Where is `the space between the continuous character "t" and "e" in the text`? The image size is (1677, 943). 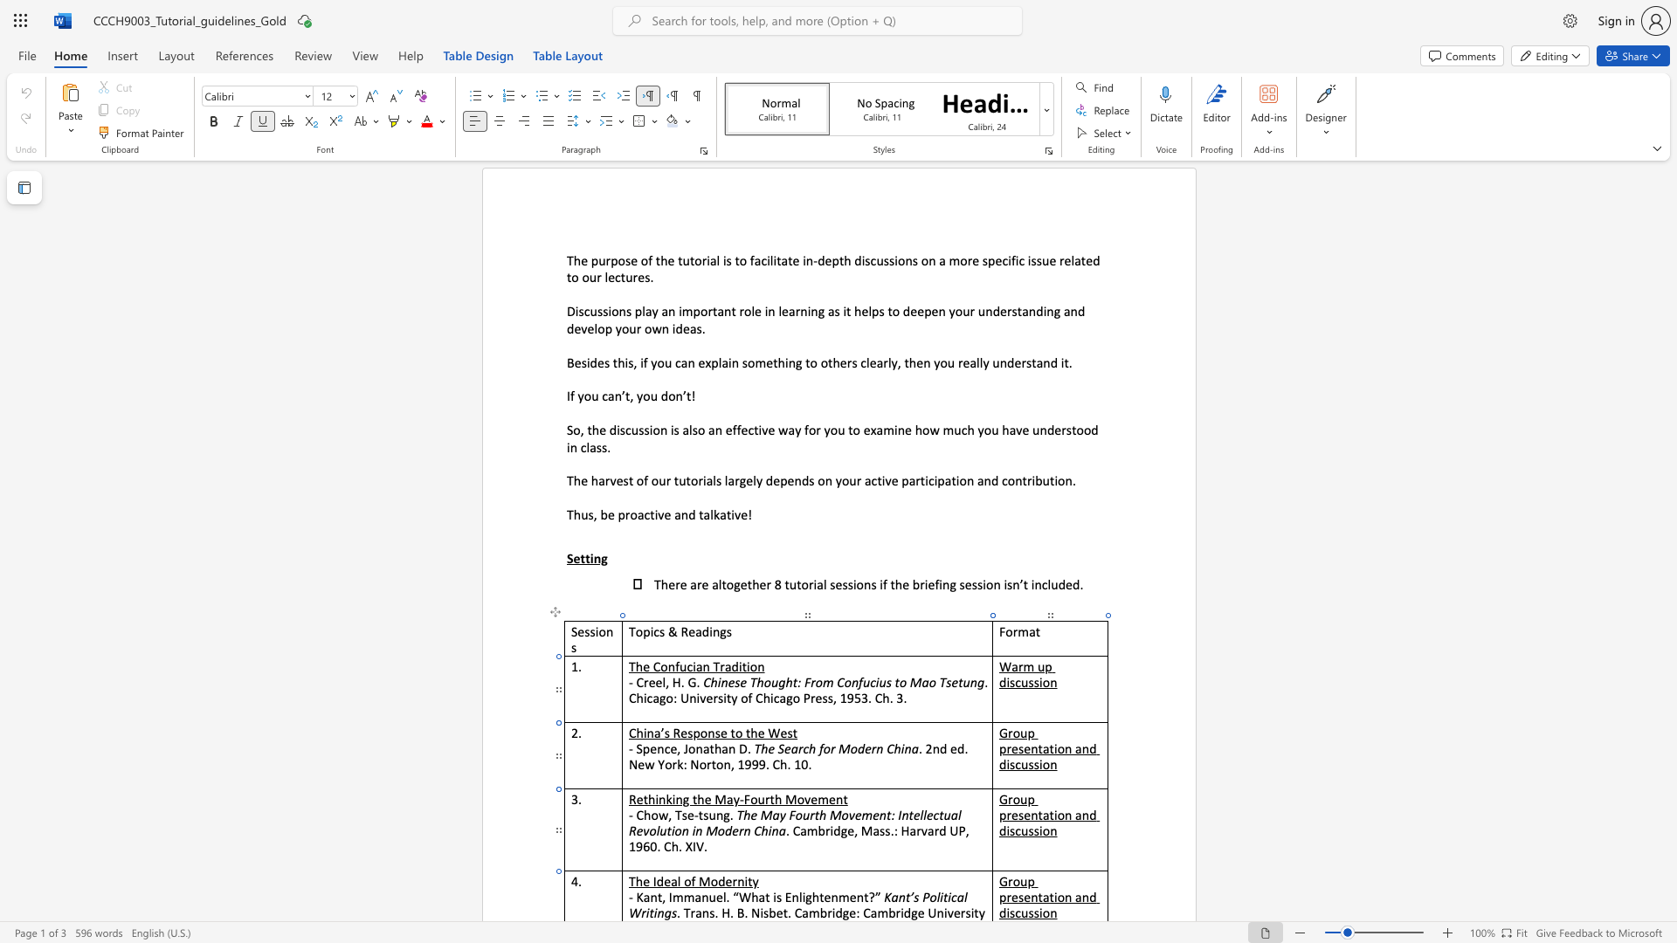 the space between the continuous character "t" and "e" in the text is located at coordinates (824, 897).